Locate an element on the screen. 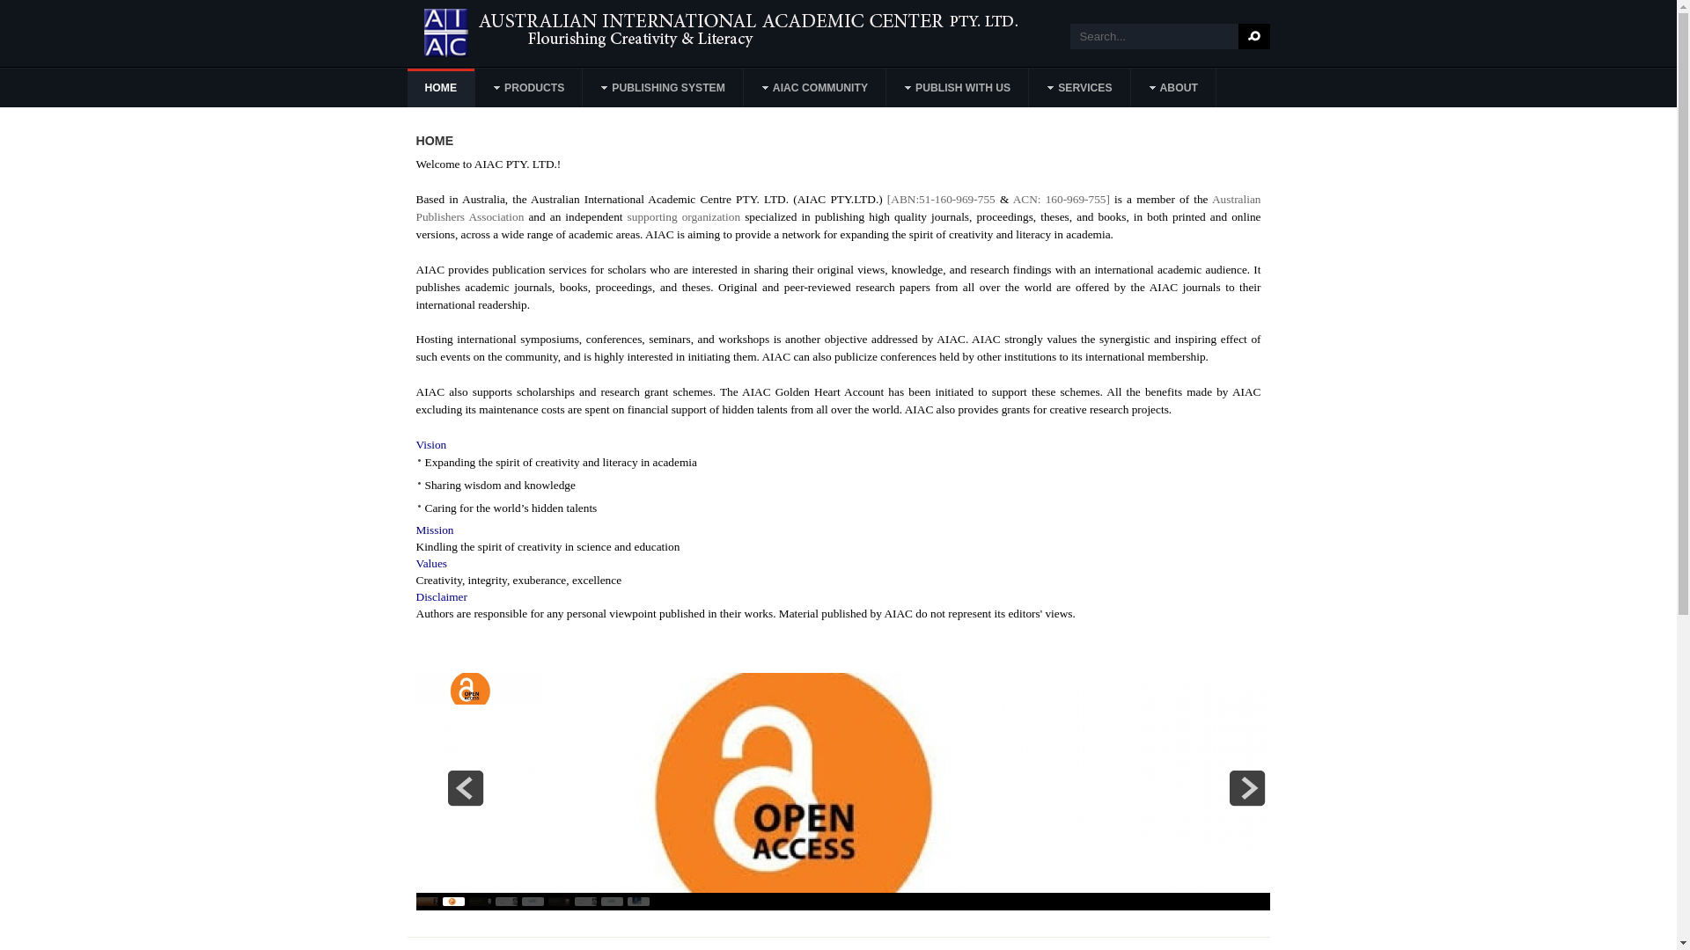 The height and width of the screenshot is (950, 1690). 'PRODUCTS' is located at coordinates (528, 88).